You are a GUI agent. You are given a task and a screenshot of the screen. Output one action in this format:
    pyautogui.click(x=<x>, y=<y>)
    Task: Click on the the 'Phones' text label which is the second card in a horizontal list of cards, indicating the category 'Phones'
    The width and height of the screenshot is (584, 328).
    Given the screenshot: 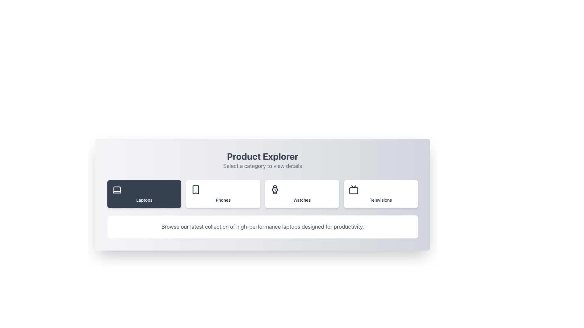 What is the action you would take?
    pyautogui.click(x=223, y=200)
    